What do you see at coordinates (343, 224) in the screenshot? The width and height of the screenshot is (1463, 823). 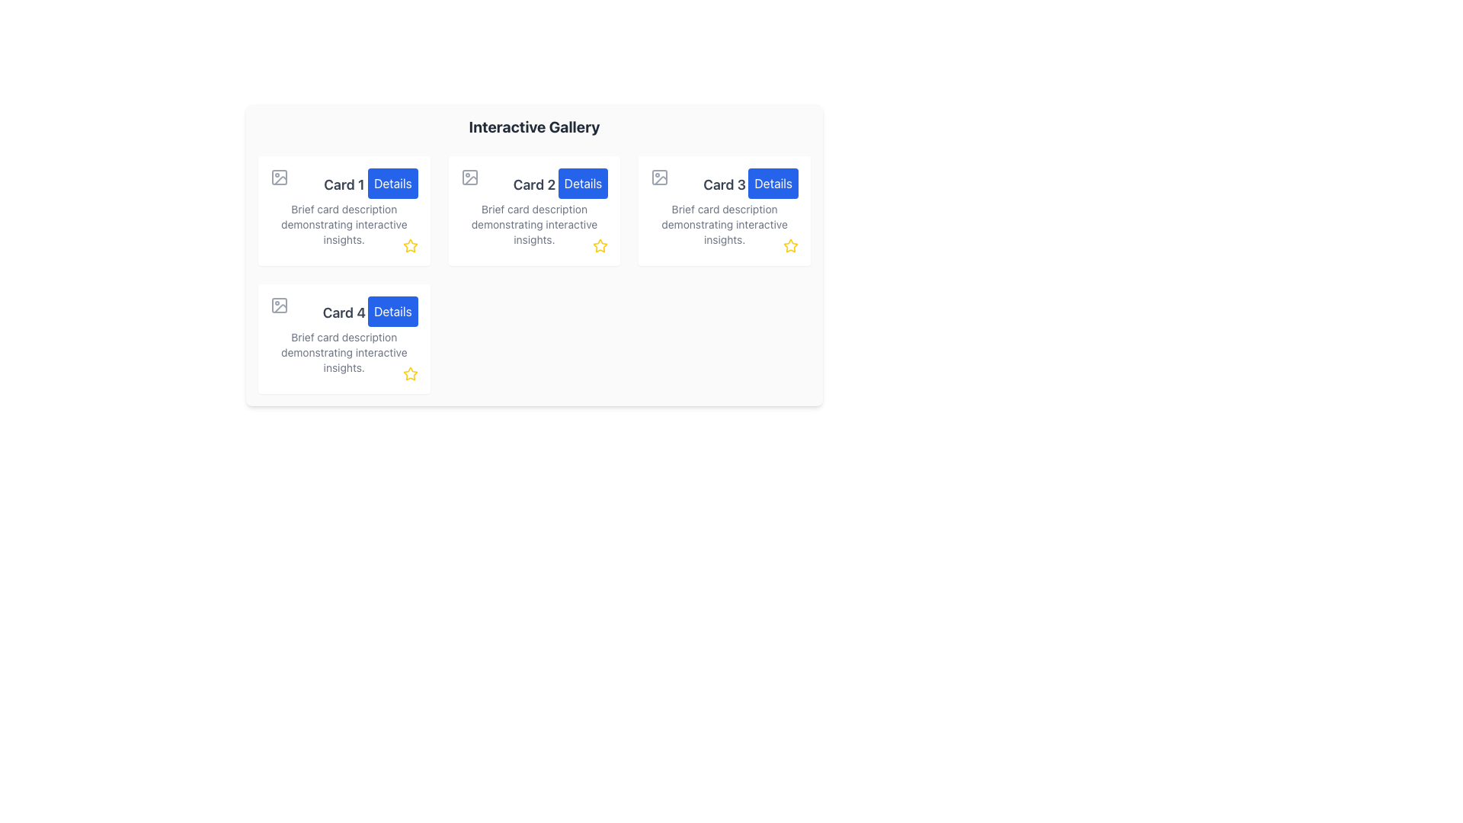 I see `the text label displaying the content 'Brief card description demonstrating interactive insights.' which is positioned below the title 'Card 1' within a card structure` at bounding box center [343, 224].